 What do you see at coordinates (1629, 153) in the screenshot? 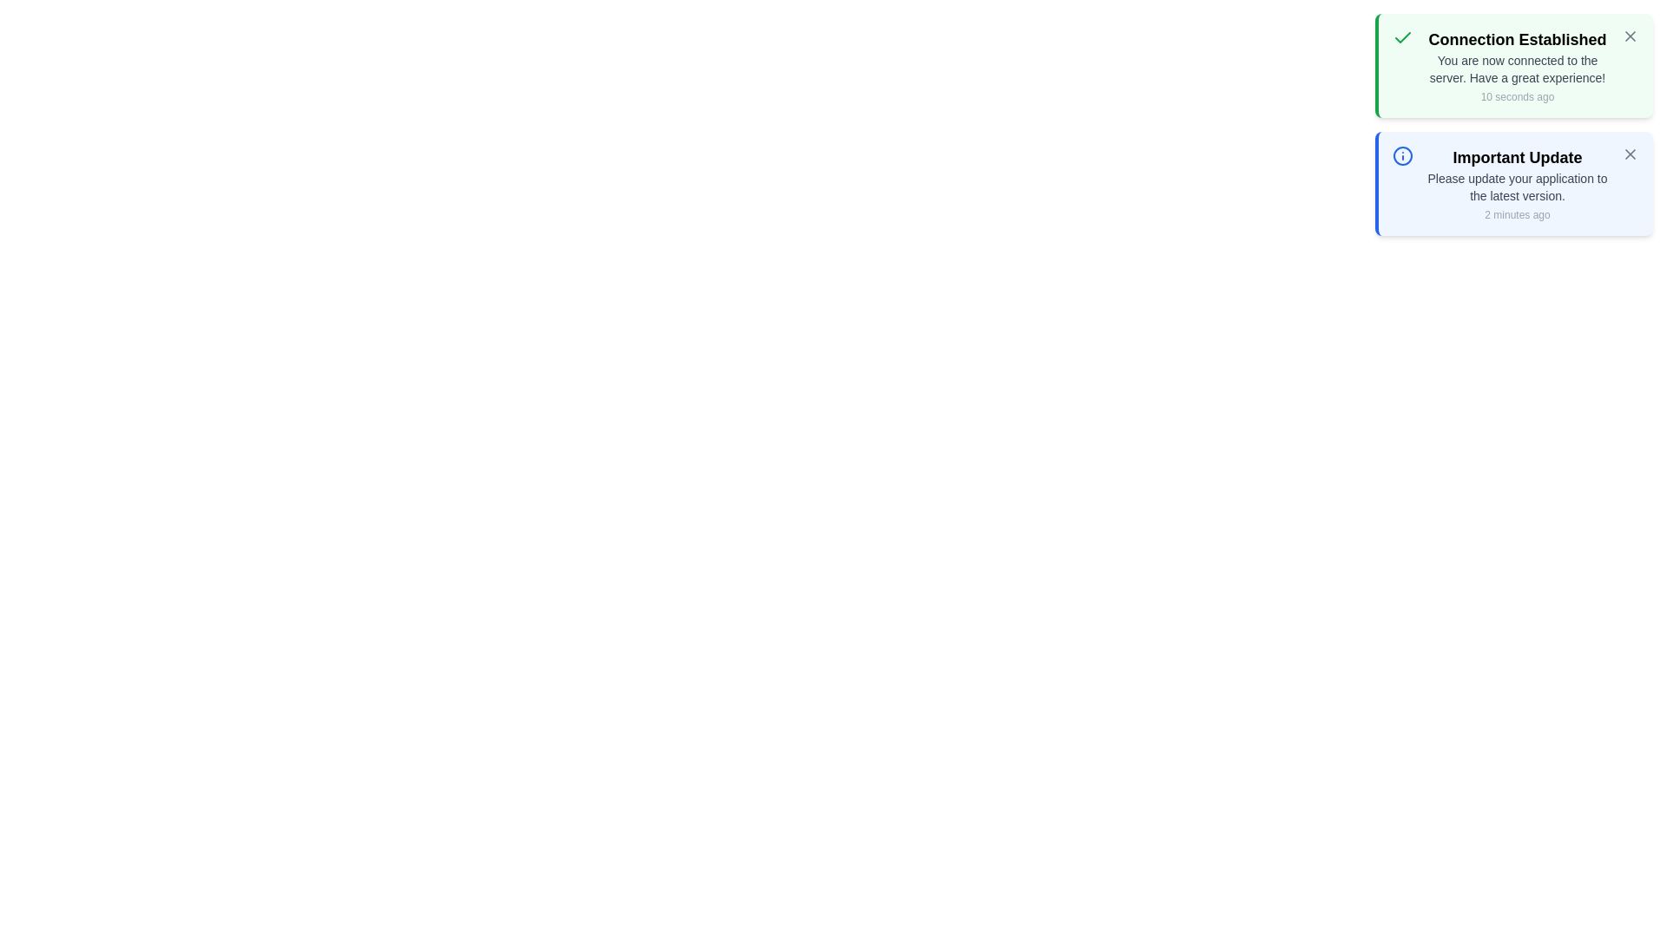
I see `close button of the notification with title 'Important Update'` at bounding box center [1629, 153].